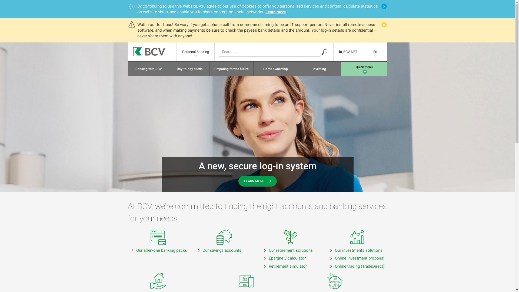 The width and height of the screenshot is (519, 292). I want to click on 'Epargne 3 calculator', so click(287, 258).